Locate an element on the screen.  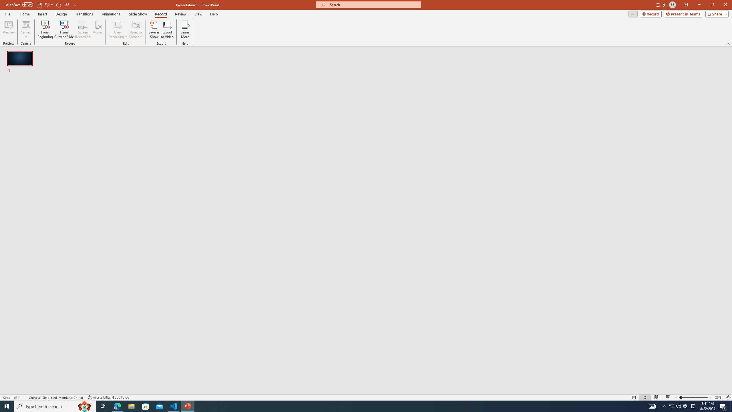
'Animations' is located at coordinates (111, 14).